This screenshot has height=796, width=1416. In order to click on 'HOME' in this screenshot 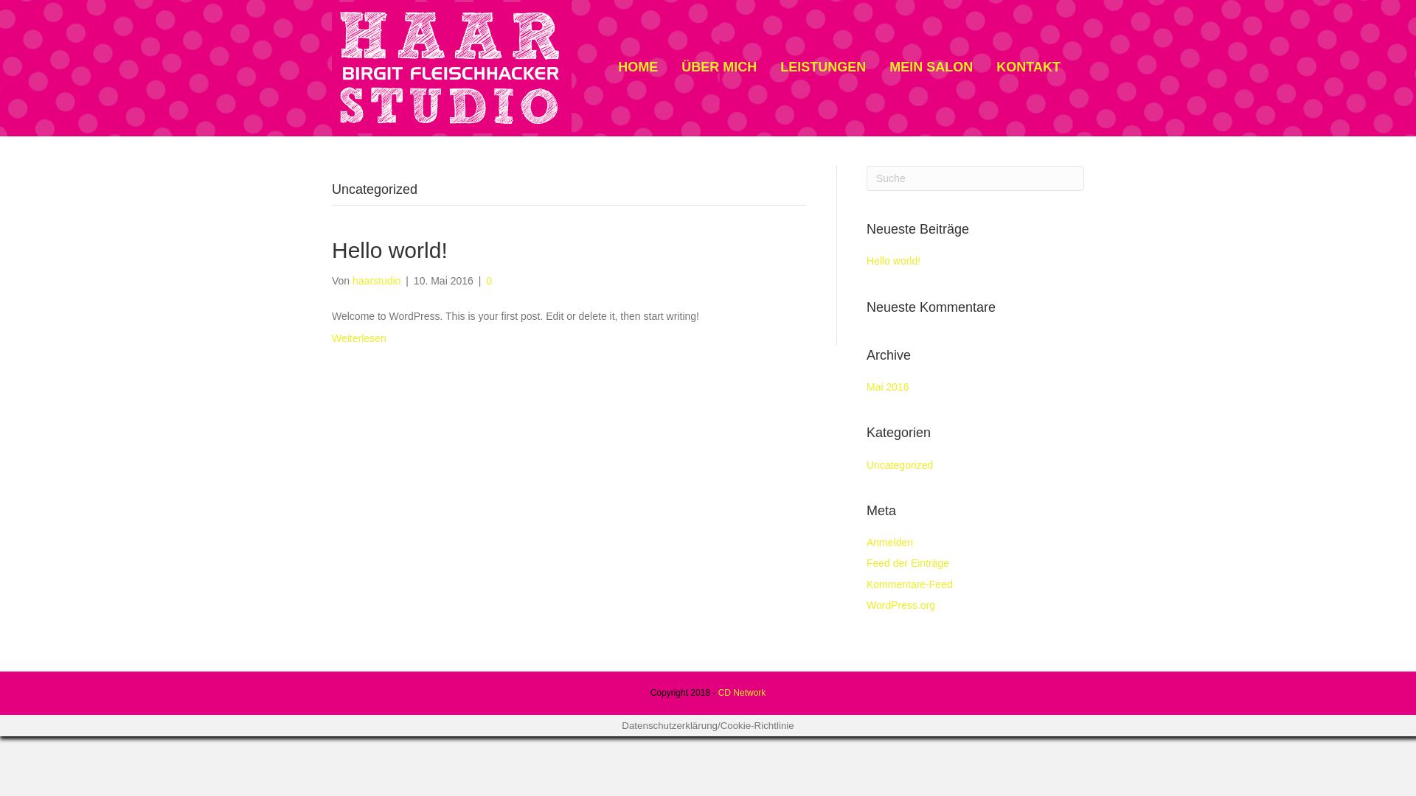, I will do `click(637, 67)`.